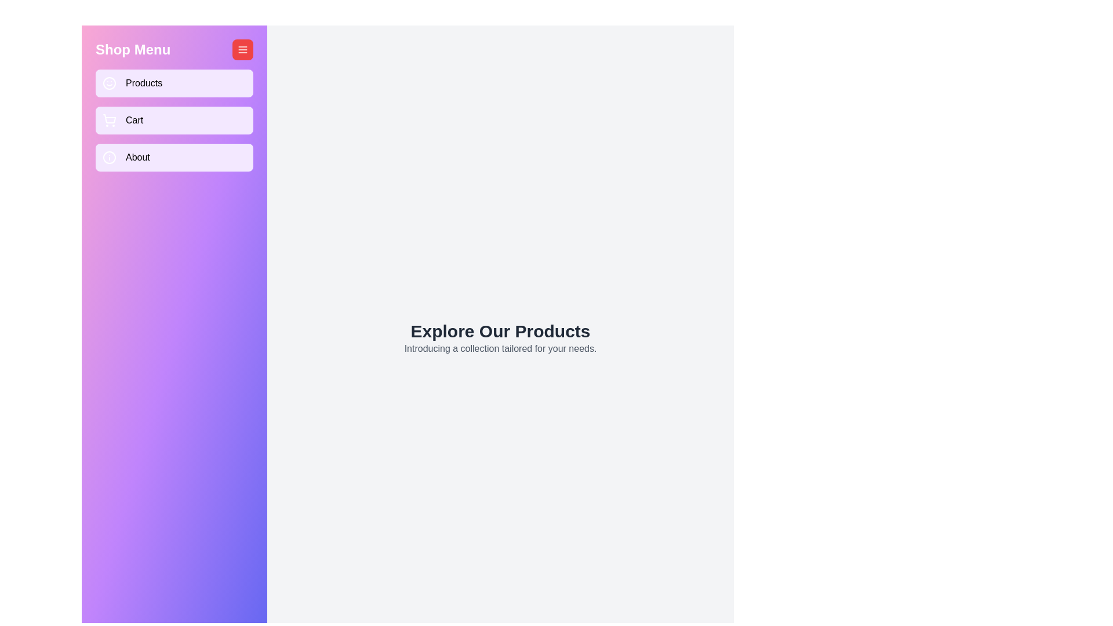  Describe the element at coordinates (174, 158) in the screenshot. I see `the 'About' button` at that location.